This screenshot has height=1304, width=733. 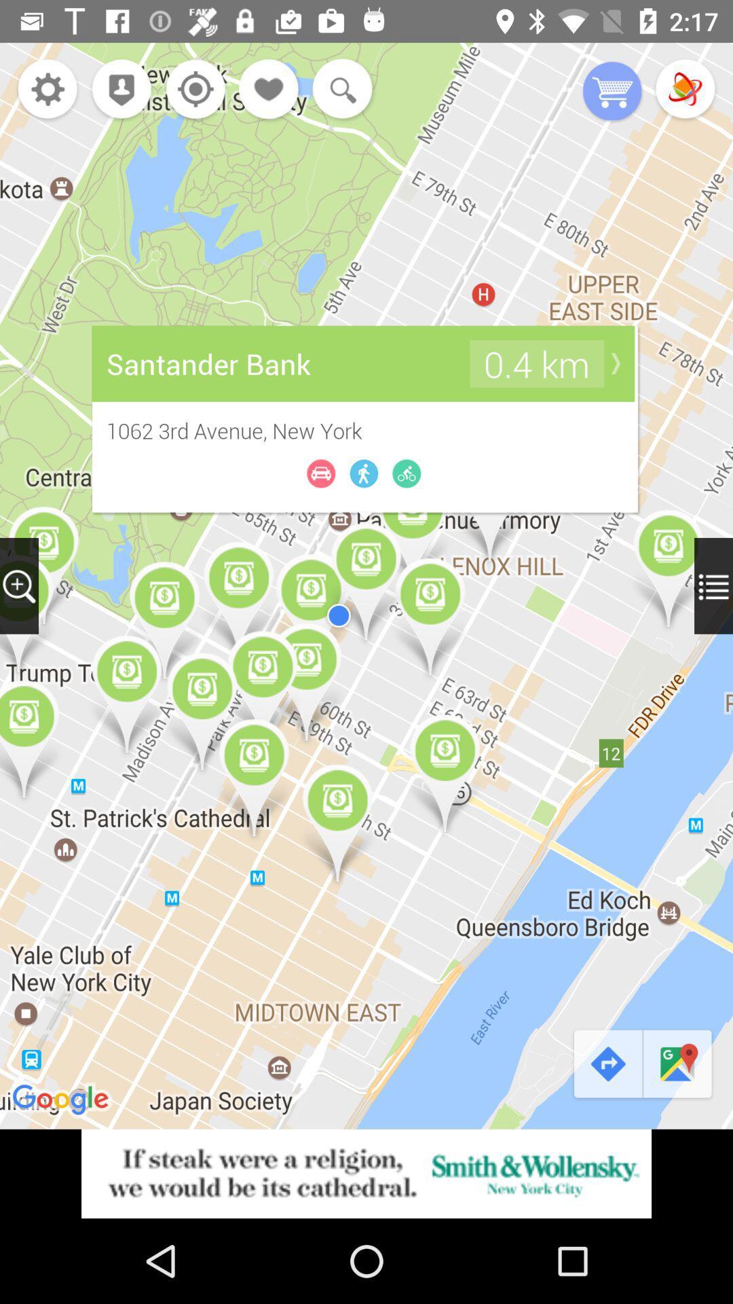 What do you see at coordinates (679, 1064) in the screenshot?
I see `the chat icon` at bounding box center [679, 1064].